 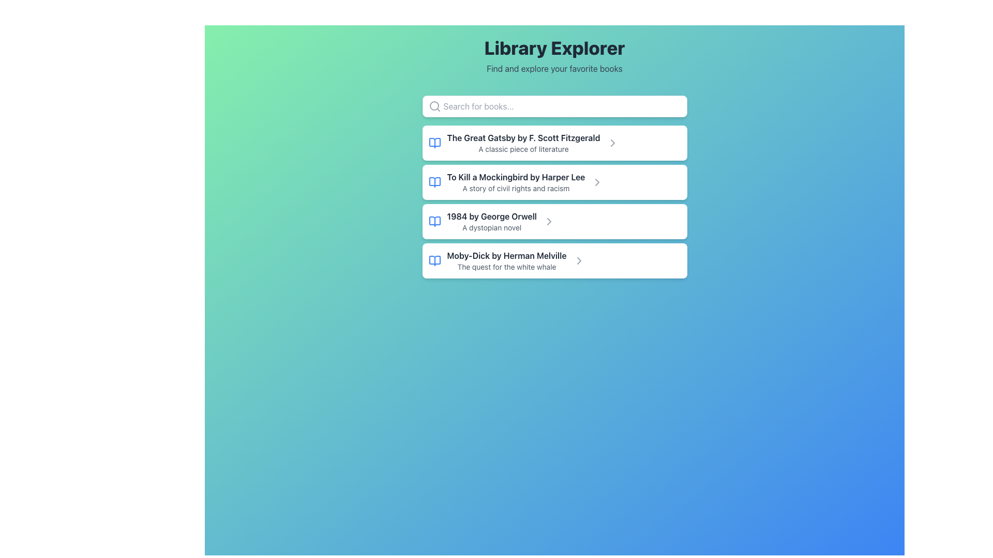 What do you see at coordinates (434, 182) in the screenshot?
I see `the decorative icon representing the book entry for 'To Kill a Mockingbird by Harper Lee', which is located at the leftmost side of the second row in the book list` at bounding box center [434, 182].